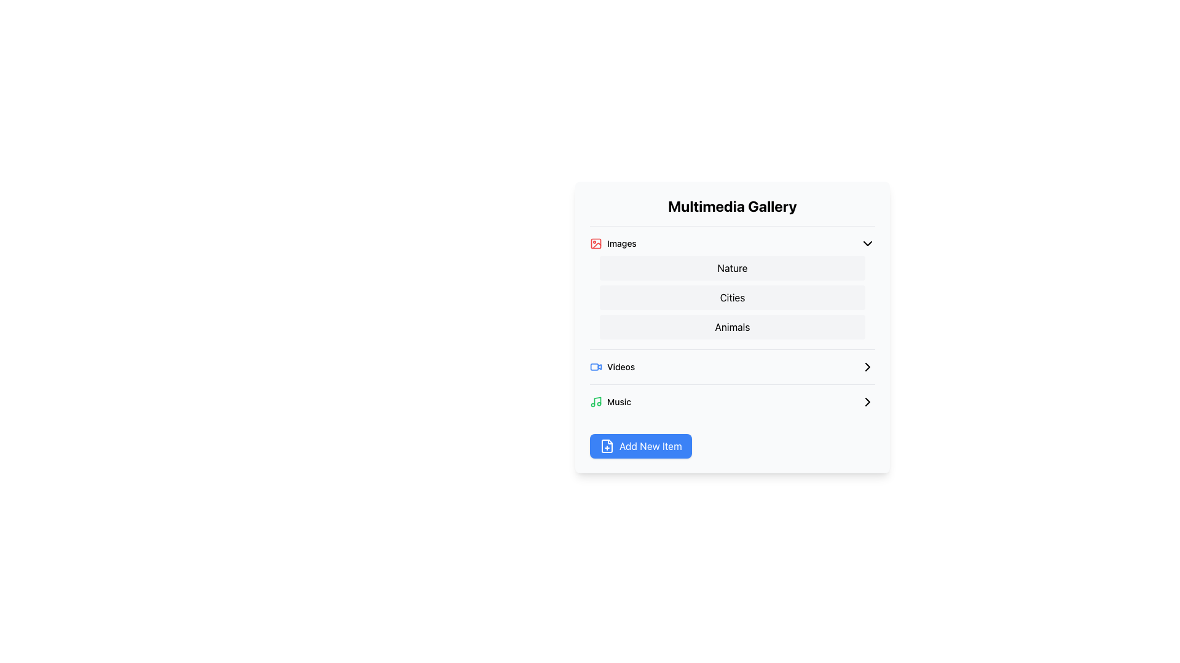 This screenshot has width=1180, height=663. What do you see at coordinates (732, 298) in the screenshot?
I see `the 'Cities' button in the submenu titled 'Images', which is part of the menu list containing options labeled 'Nature,' 'Cities,' and 'Animals.'` at bounding box center [732, 298].